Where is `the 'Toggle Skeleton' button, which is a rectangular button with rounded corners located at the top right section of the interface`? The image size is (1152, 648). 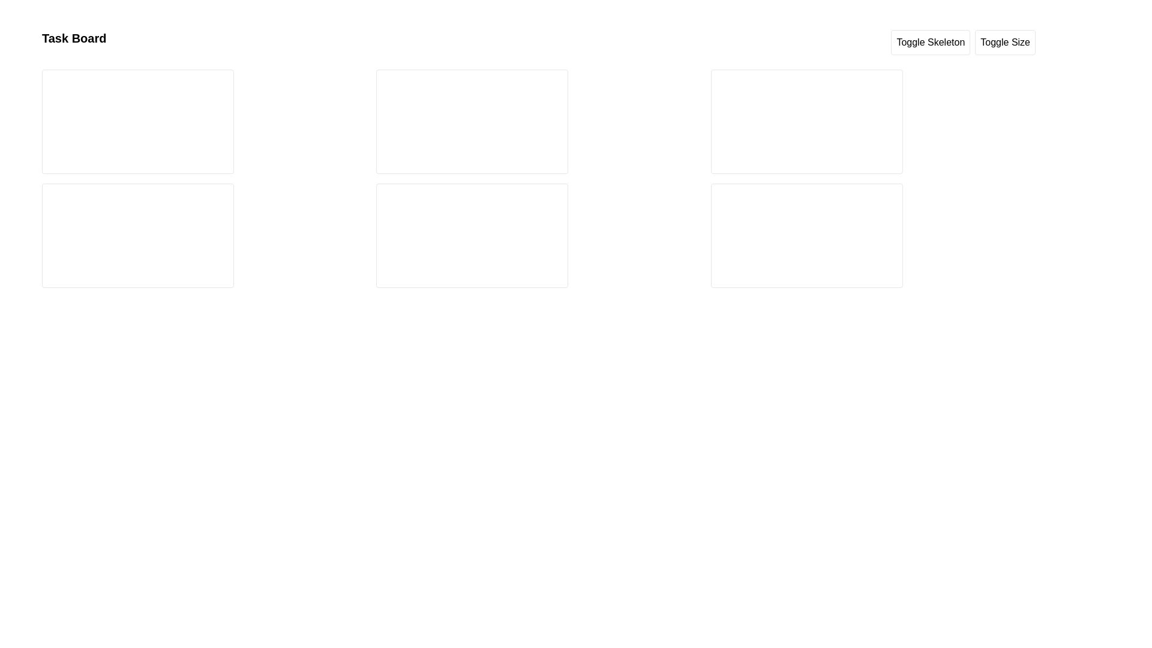
the 'Toggle Skeleton' button, which is a rectangular button with rounded corners located at the top right section of the interface is located at coordinates (929, 41).